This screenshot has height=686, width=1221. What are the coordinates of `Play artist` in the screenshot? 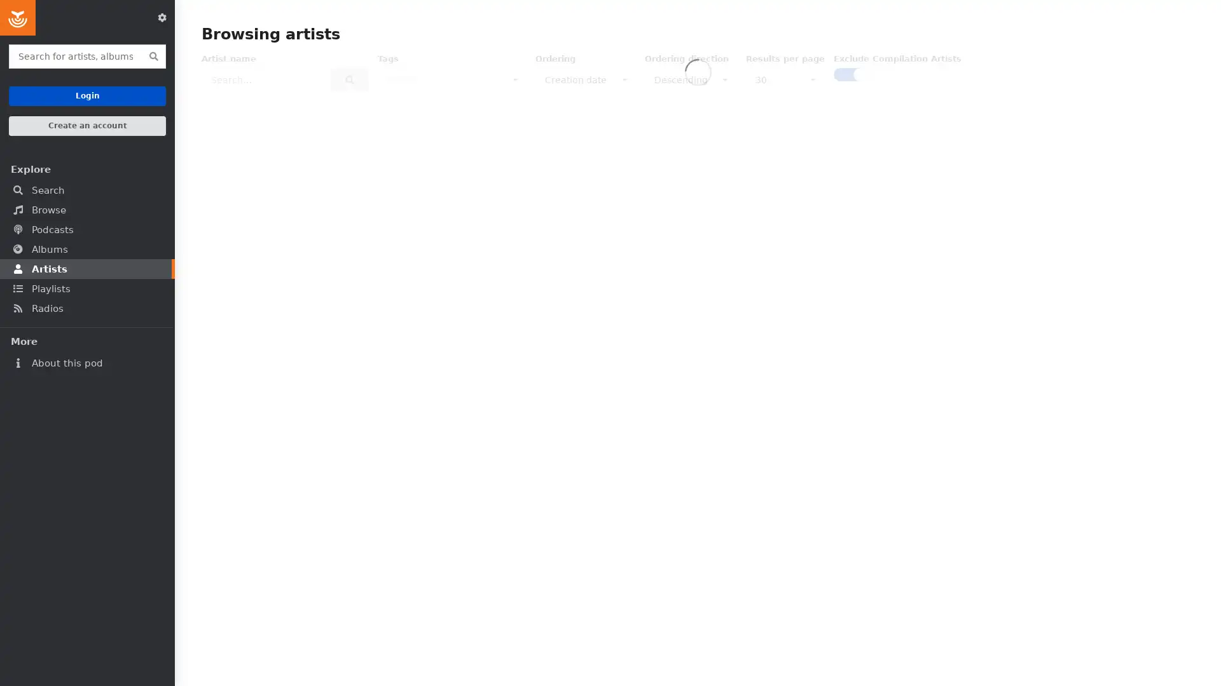 It's located at (583, 437).